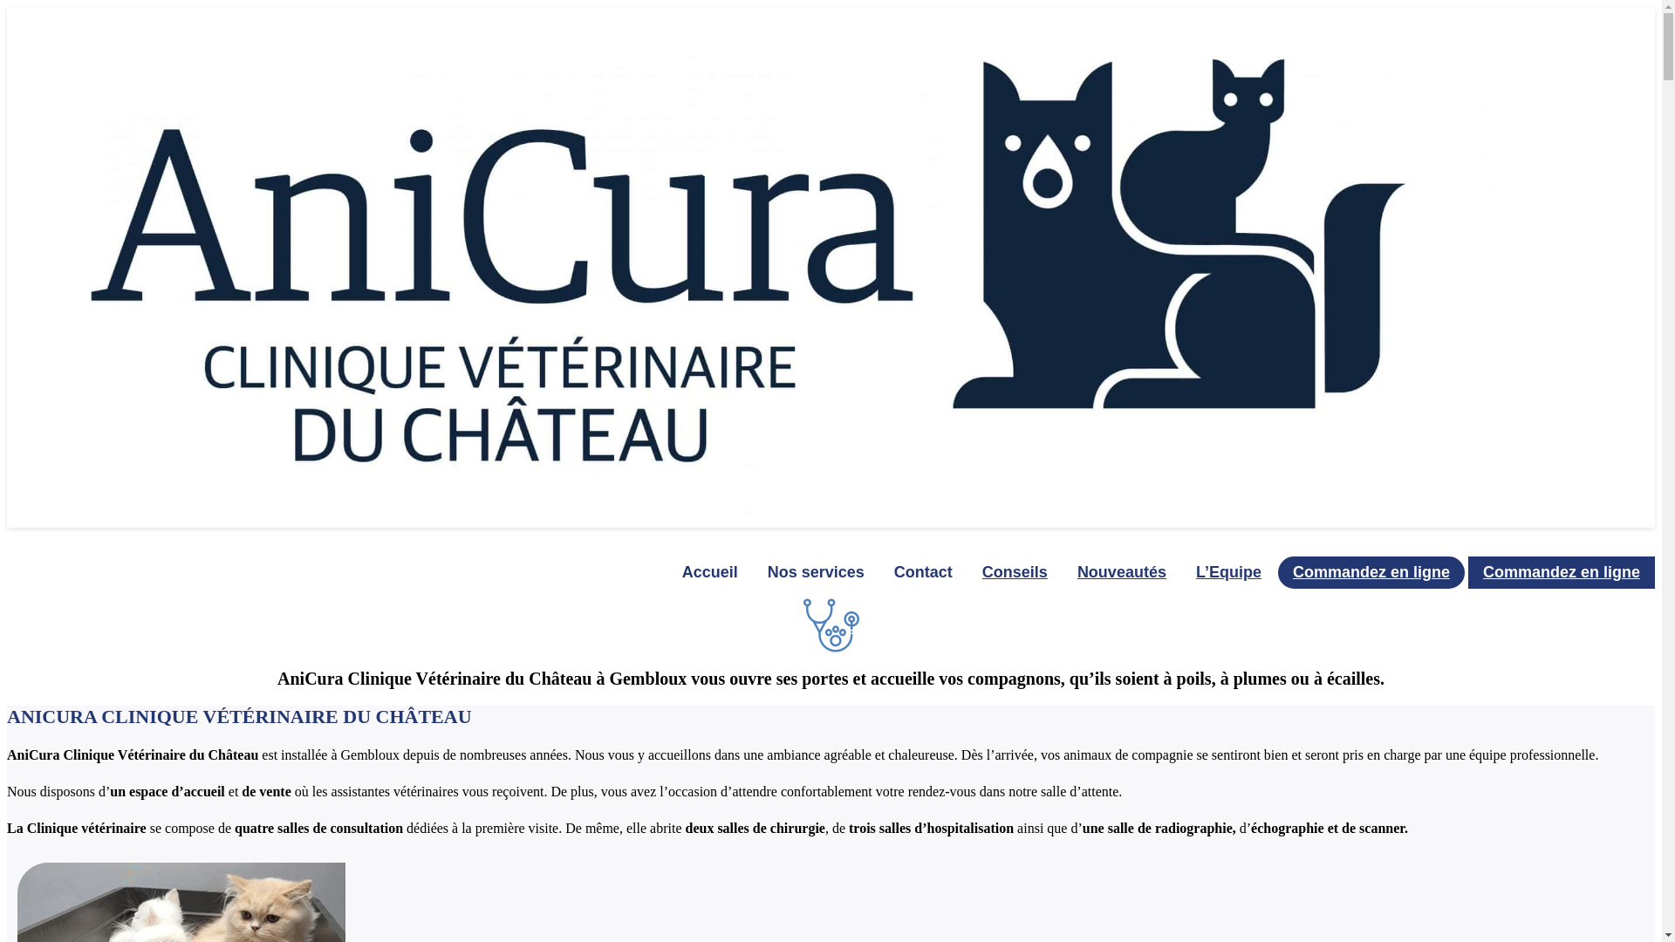 The height and width of the screenshot is (942, 1675). Describe the element at coordinates (967, 572) in the screenshot. I see `'Conseils'` at that location.